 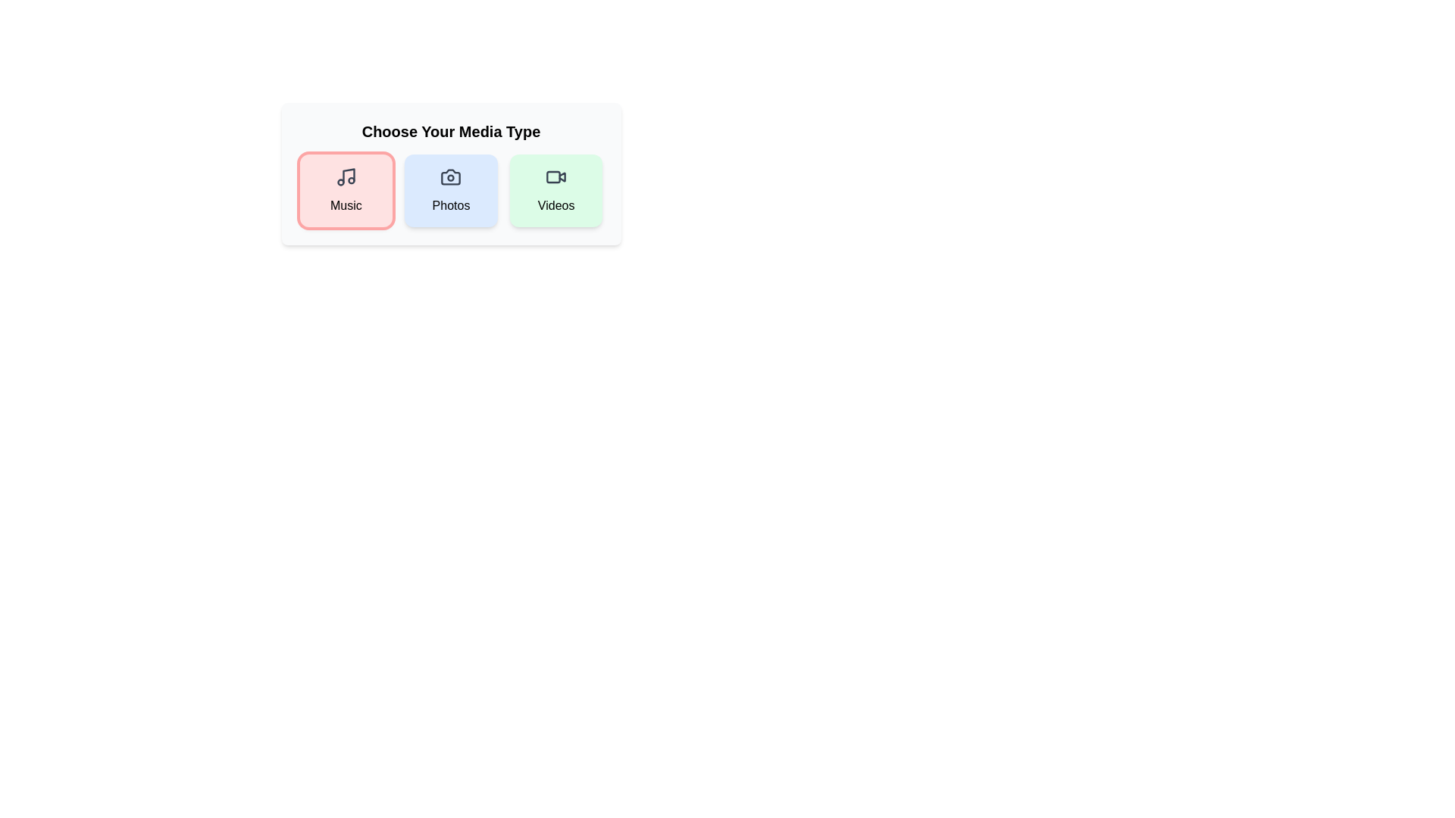 What do you see at coordinates (450, 173) in the screenshot?
I see `the 'Photos' button, which is the second button in a horizontal arrangement of three buttons` at bounding box center [450, 173].